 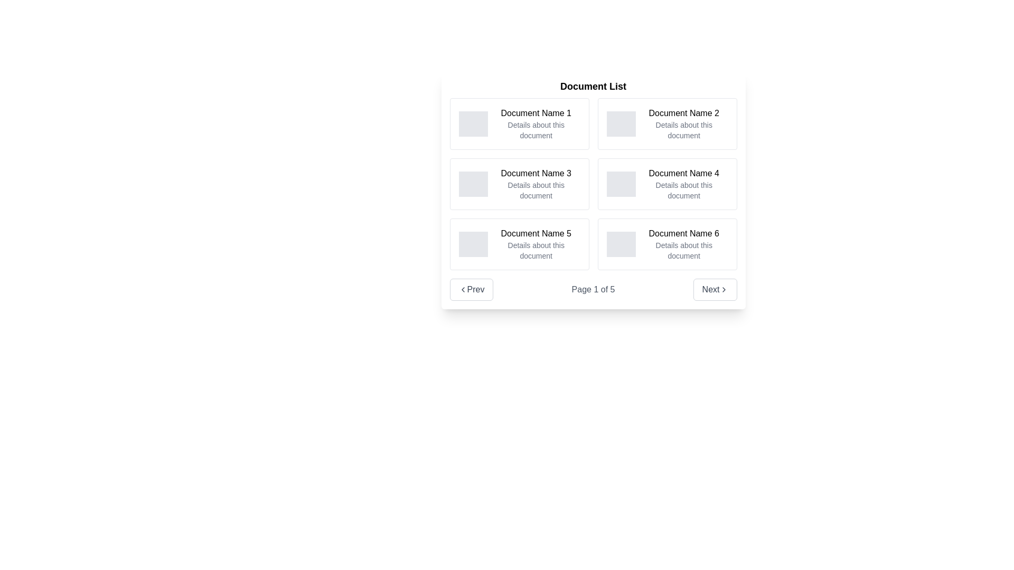 What do you see at coordinates (684, 183) in the screenshot?
I see `the informational Text display that shows the title and description of a specific document, located in the second item of the second row in the 'Document List' component` at bounding box center [684, 183].